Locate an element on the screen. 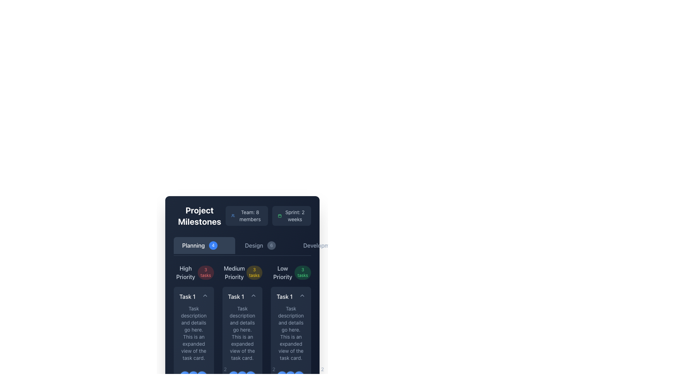 The image size is (678, 381). the text label displaying 'High Priority', which is positioned at the top-left of the task priorities section is located at coordinates (185, 272).